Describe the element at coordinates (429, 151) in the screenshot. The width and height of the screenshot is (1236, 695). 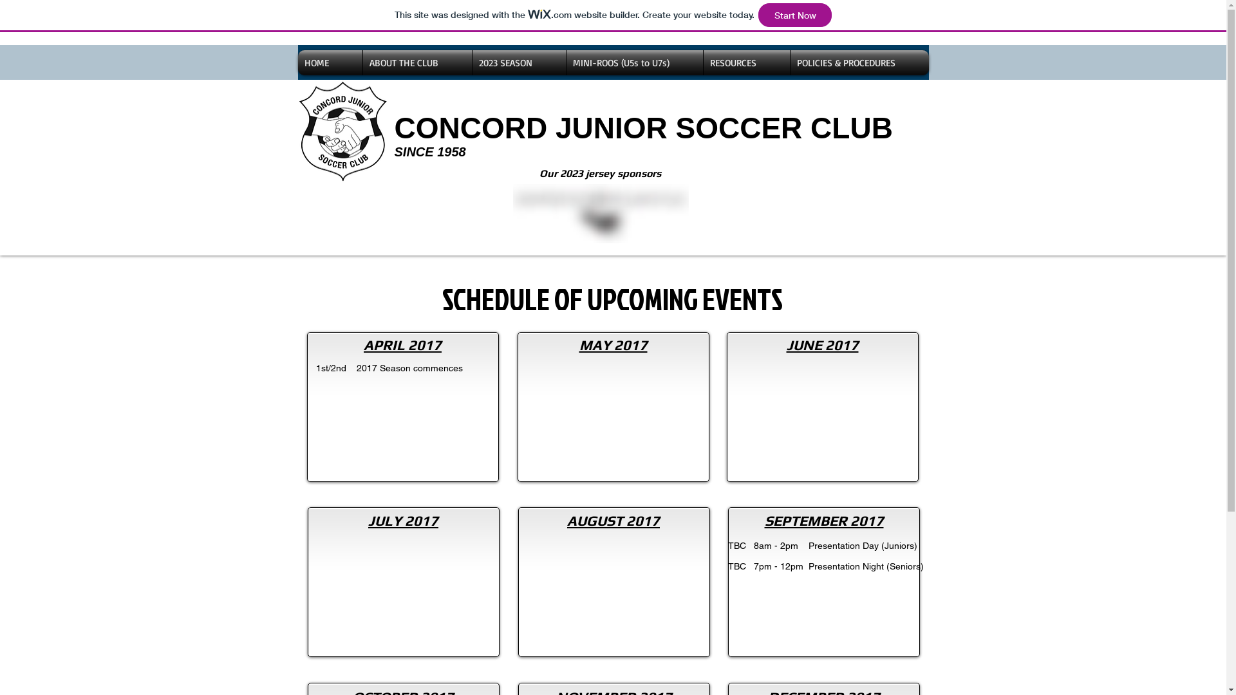
I see `'SINCE 1958'` at that location.